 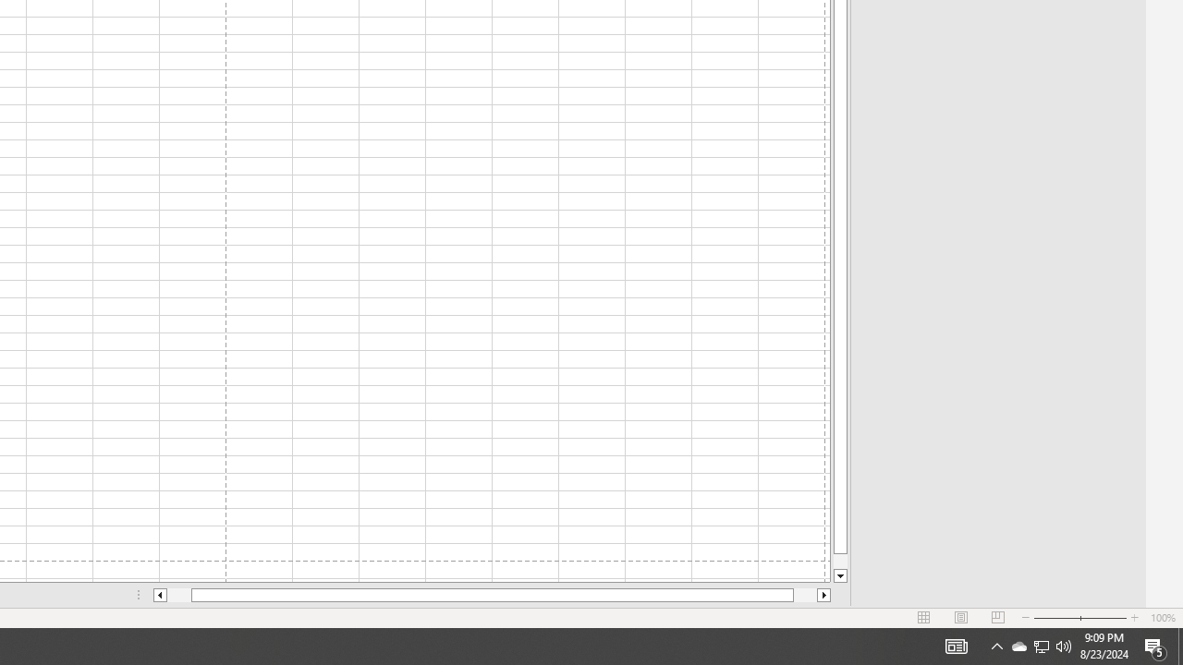 What do you see at coordinates (1133, 618) in the screenshot?
I see `'Zoom In'` at bounding box center [1133, 618].